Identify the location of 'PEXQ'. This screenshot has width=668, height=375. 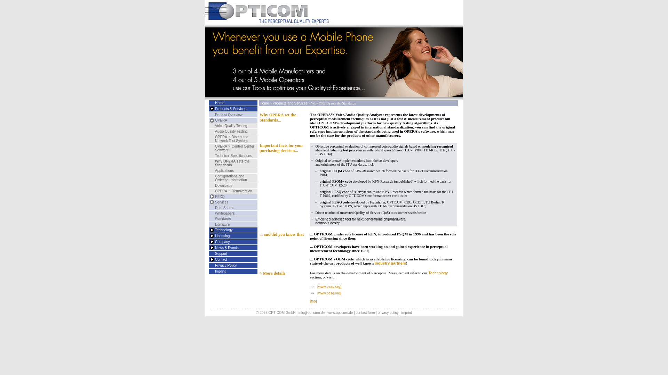
(210, 197).